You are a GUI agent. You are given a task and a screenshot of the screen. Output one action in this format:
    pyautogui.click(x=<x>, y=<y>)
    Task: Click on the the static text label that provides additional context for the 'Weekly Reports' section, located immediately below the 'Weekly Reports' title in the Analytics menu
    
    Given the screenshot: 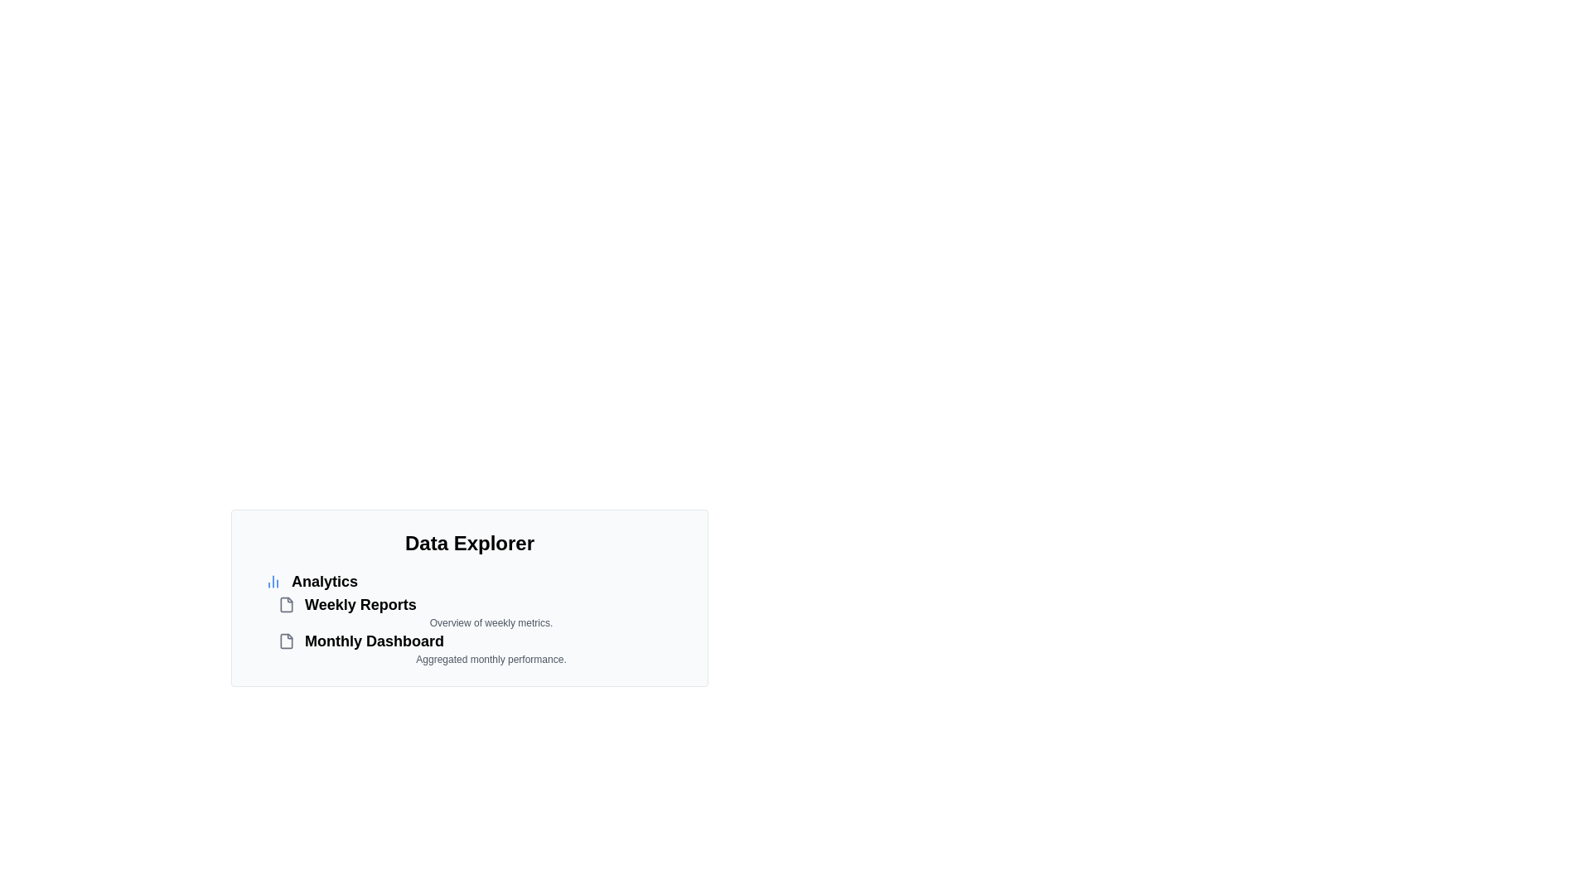 What is the action you would take?
    pyautogui.click(x=491, y=623)
    